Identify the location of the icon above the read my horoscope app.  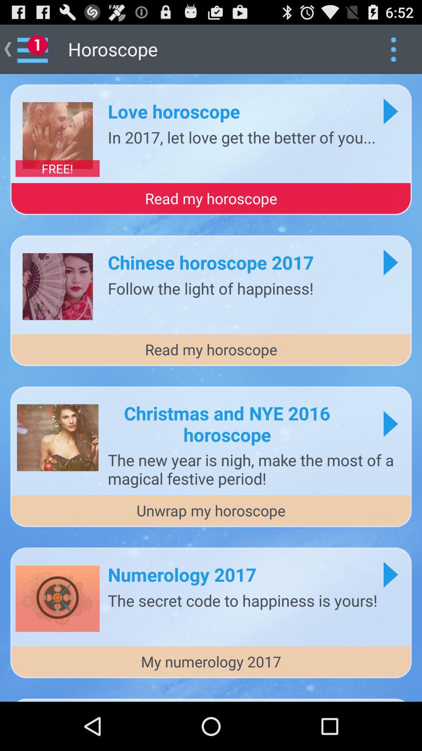
(241, 137).